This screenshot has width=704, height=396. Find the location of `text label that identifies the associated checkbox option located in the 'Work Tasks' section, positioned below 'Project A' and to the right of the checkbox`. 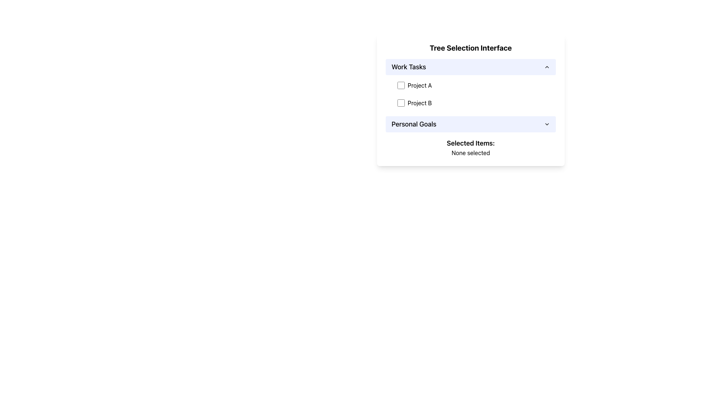

text label that identifies the associated checkbox option located in the 'Work Tasks' section, positioned below 'Project A' and to the right of the checkbox is located at coordinates (419, 103).